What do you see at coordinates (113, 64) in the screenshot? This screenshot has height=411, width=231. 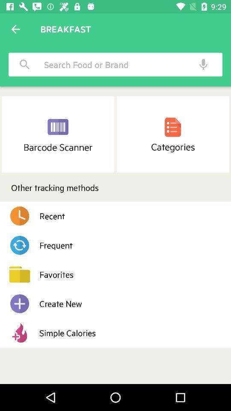 I see `the item below the breakfast icon` at bounding box center [113, 64].